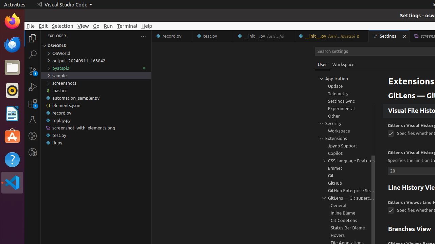  I want to click on 'GitHub Enterprise Server Authentication Provider, group', so click(345, 190).